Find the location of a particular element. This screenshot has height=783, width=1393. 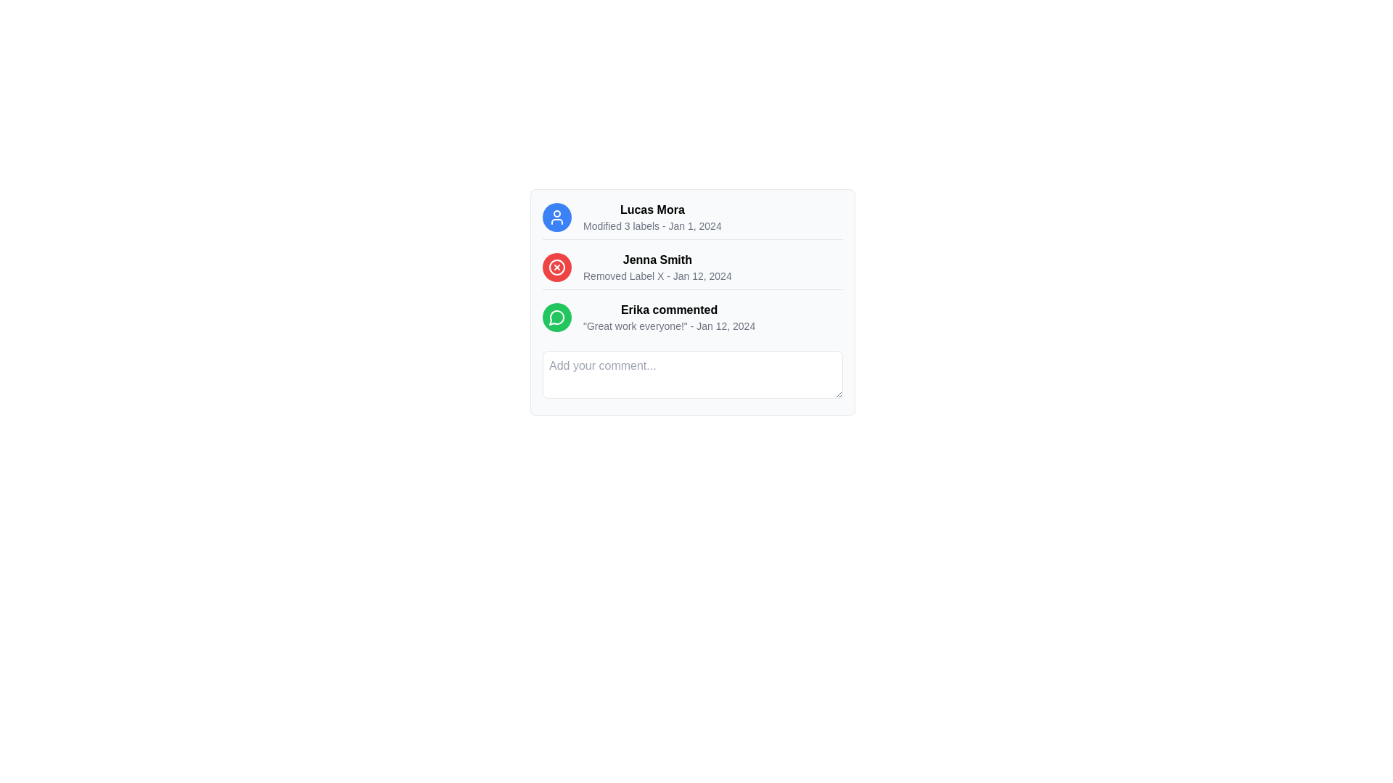

the comment icon that represents the action made by 'Erika', which is located to the left of the text 'Erika commented' is located at coordinates (556, 317).